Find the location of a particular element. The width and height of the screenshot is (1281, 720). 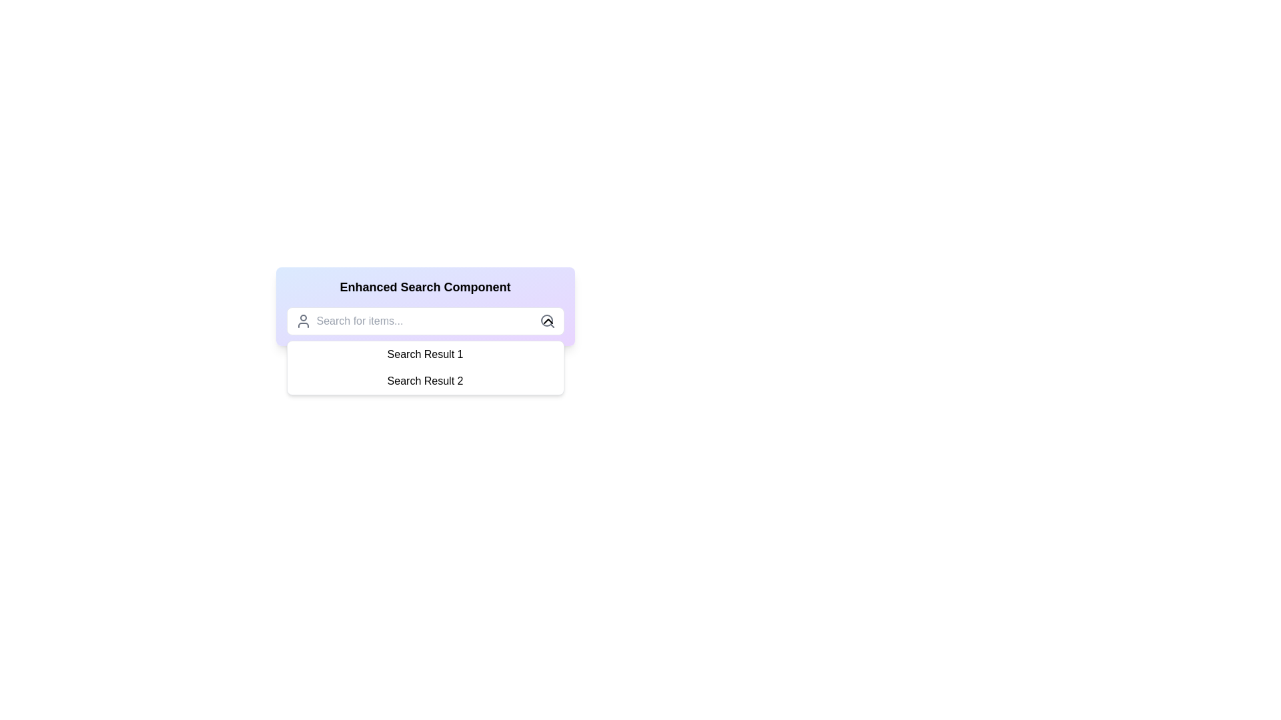

the search button located at the top-right segment of the search field is located at coordinates (547, 321).